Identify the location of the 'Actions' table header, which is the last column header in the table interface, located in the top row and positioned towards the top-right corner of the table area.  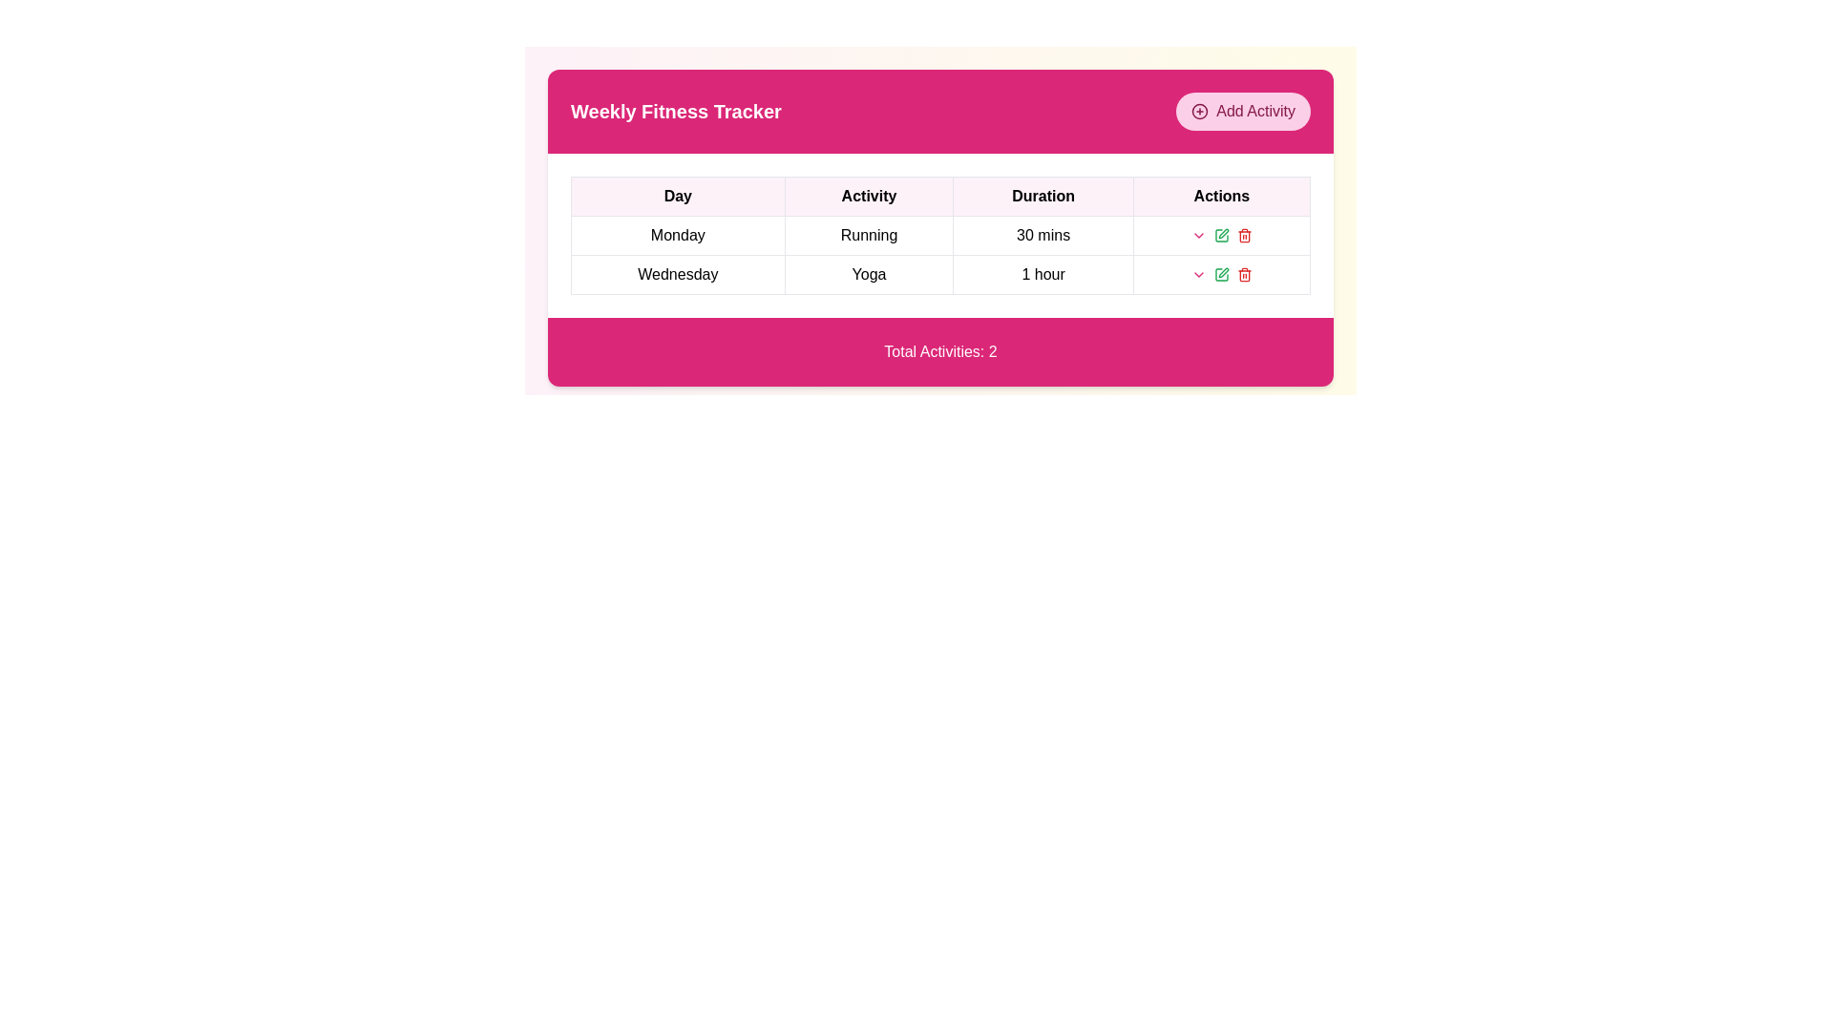
(1220, 196).